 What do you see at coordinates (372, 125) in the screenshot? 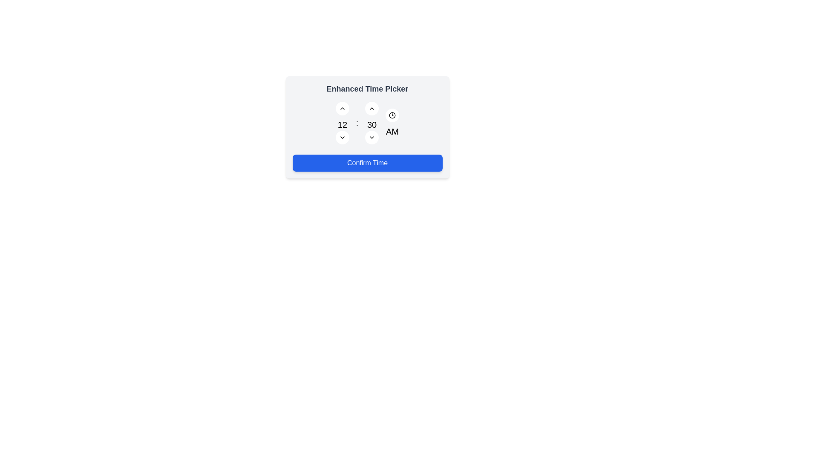
I see `the Text Display element that shows the currently selected minute value in the time selection interface, positioned centrally between the up and down arrow icons` at bounding box center [372, 125].